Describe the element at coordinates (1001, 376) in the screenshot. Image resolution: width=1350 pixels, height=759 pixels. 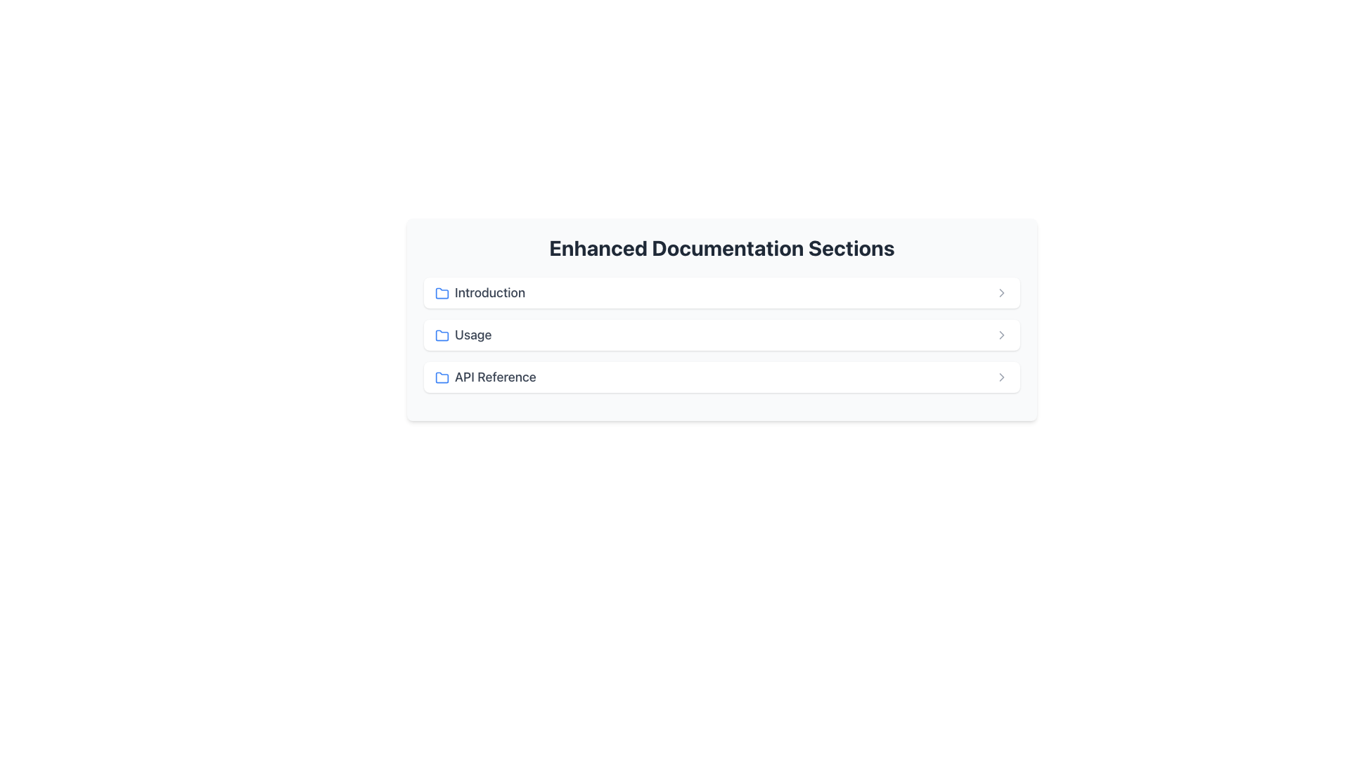
I see `the right-pointing arrow icon located at the far right of the 'API Reference' entry in the 'Enhanced Documentation Sections' list` at that location.